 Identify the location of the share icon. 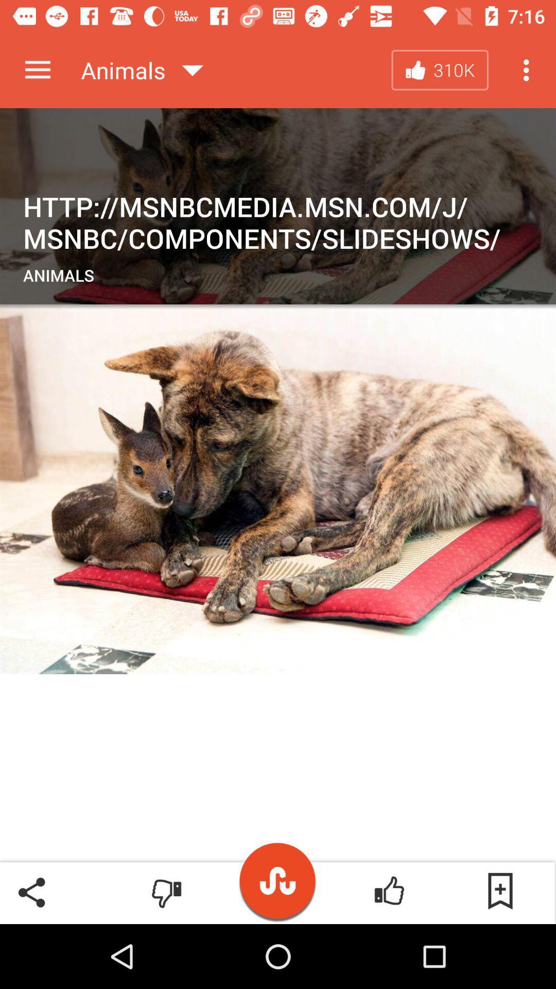
(31, 891).